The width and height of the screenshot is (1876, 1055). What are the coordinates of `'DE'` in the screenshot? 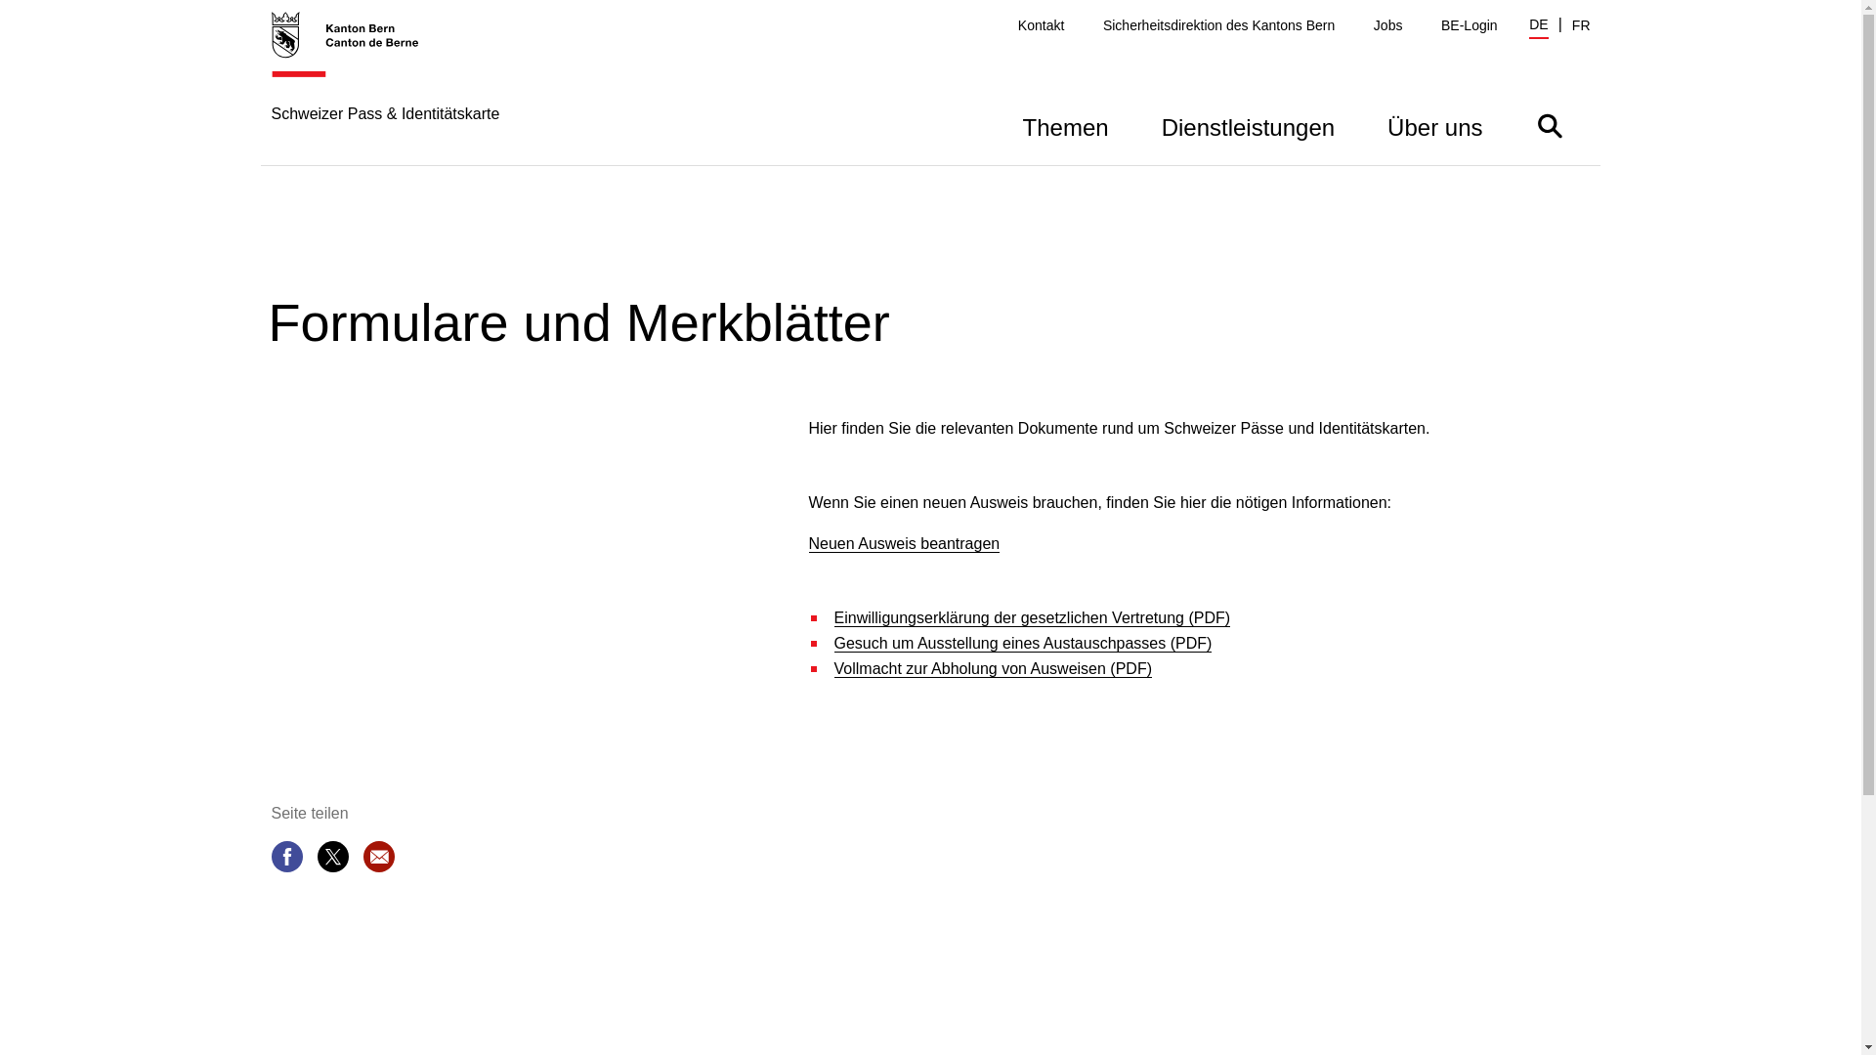 It's located at (1527, 26).